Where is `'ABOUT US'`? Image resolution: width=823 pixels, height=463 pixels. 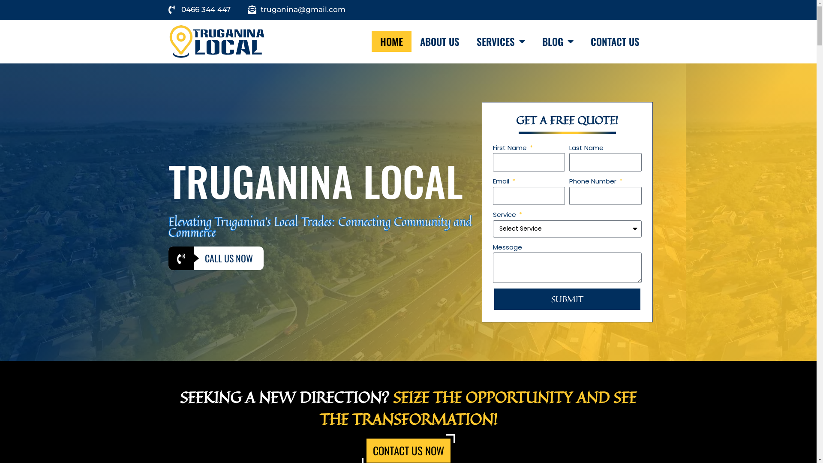
'ABOUT US' is located at coordinates (411, 41).